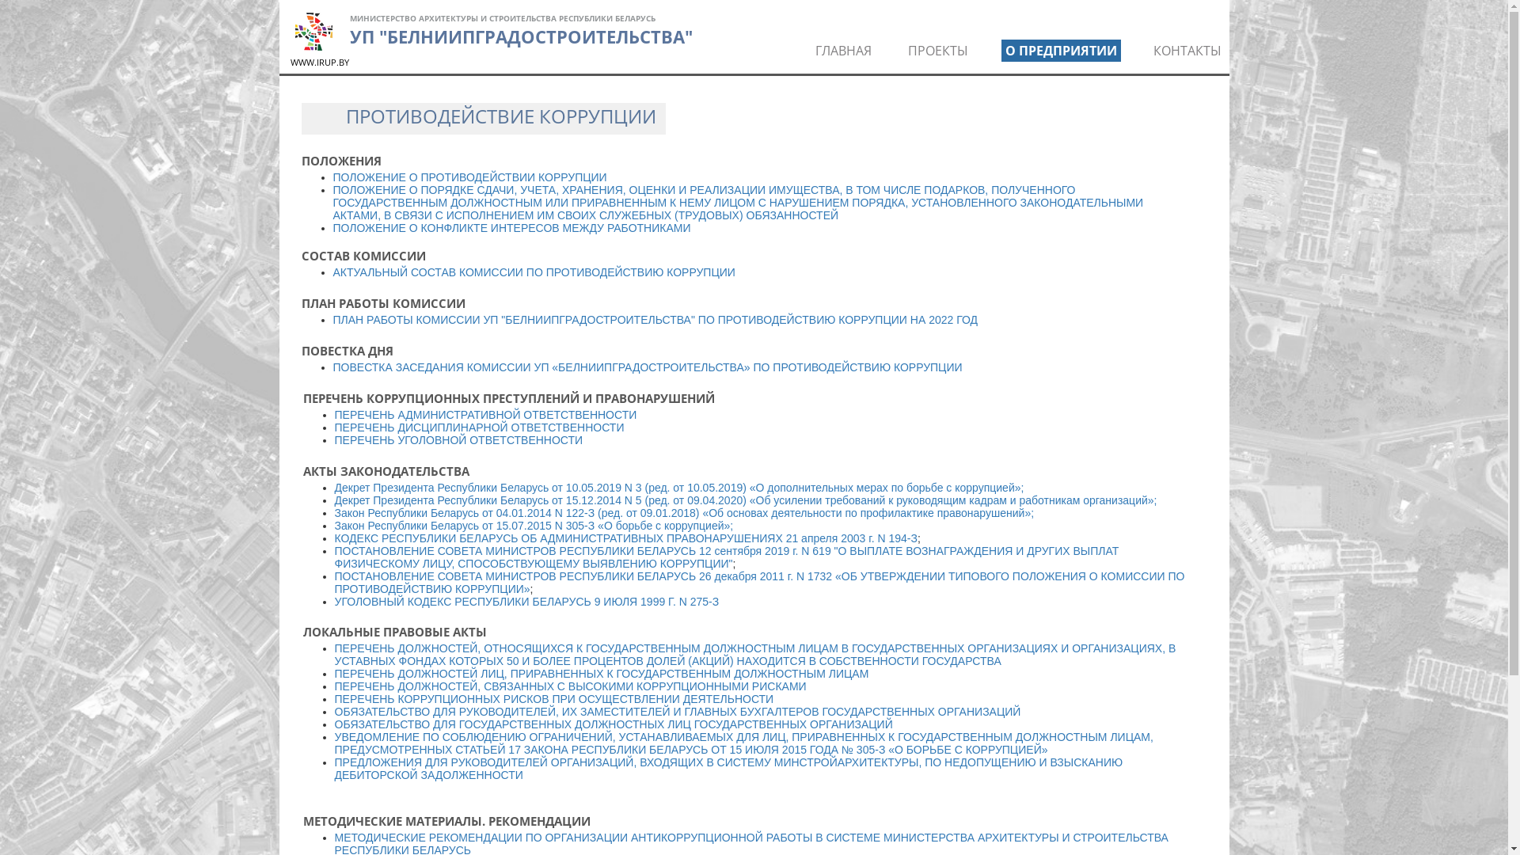 This screenshot has width=1520, height=855. What do you see at coordinates (313, 31) in the screenshot?
I see `'www.irup.by'` at bounding box center [313, 31].